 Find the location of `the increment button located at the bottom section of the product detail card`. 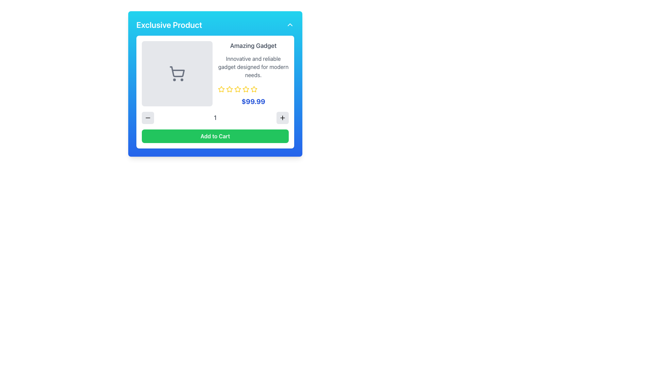

the increment button located at the bottom section of the product detail card is located at coordinates (282, 118).